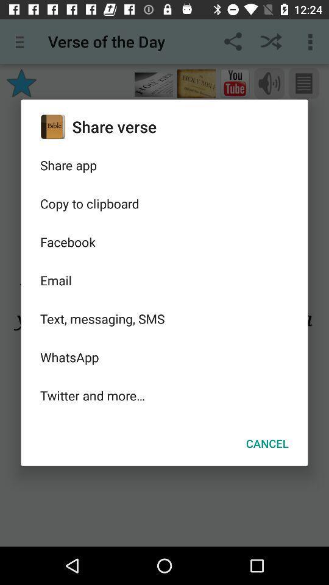  What do you see at coordinates (266, 442) in the screenshot?
I see `the cancel` at bounding box center [266, 442].